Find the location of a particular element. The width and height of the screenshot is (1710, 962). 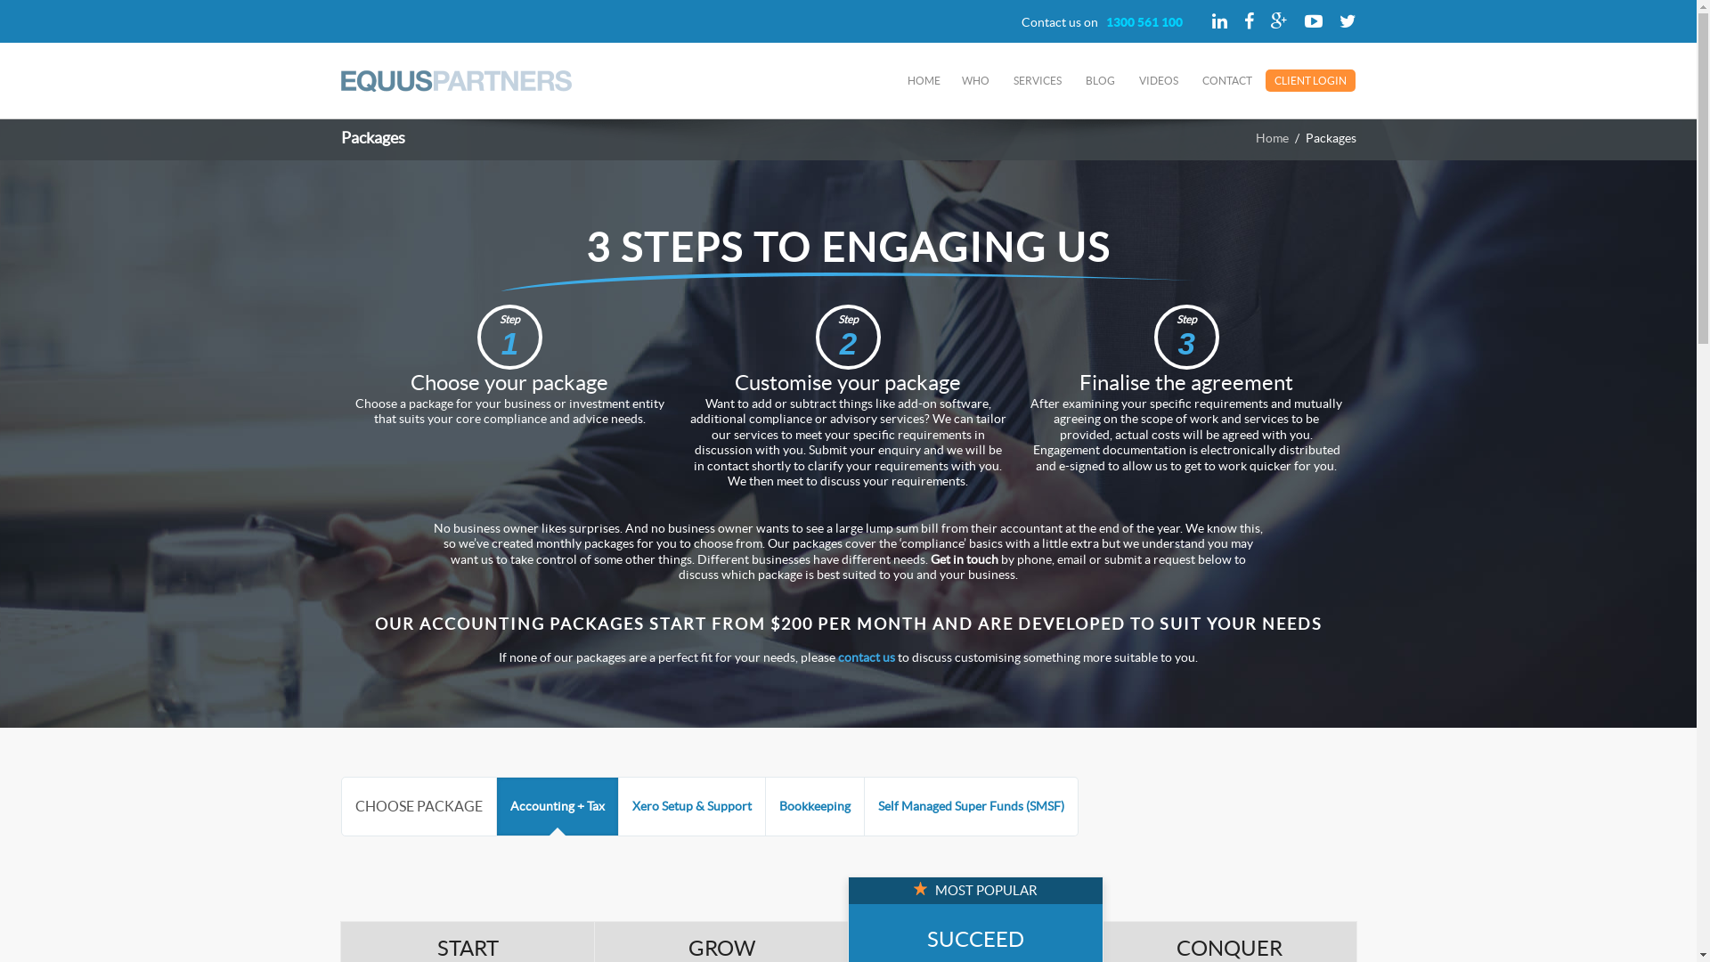

'CLIENT LOGIN' is located at coordinates (1310, 80).